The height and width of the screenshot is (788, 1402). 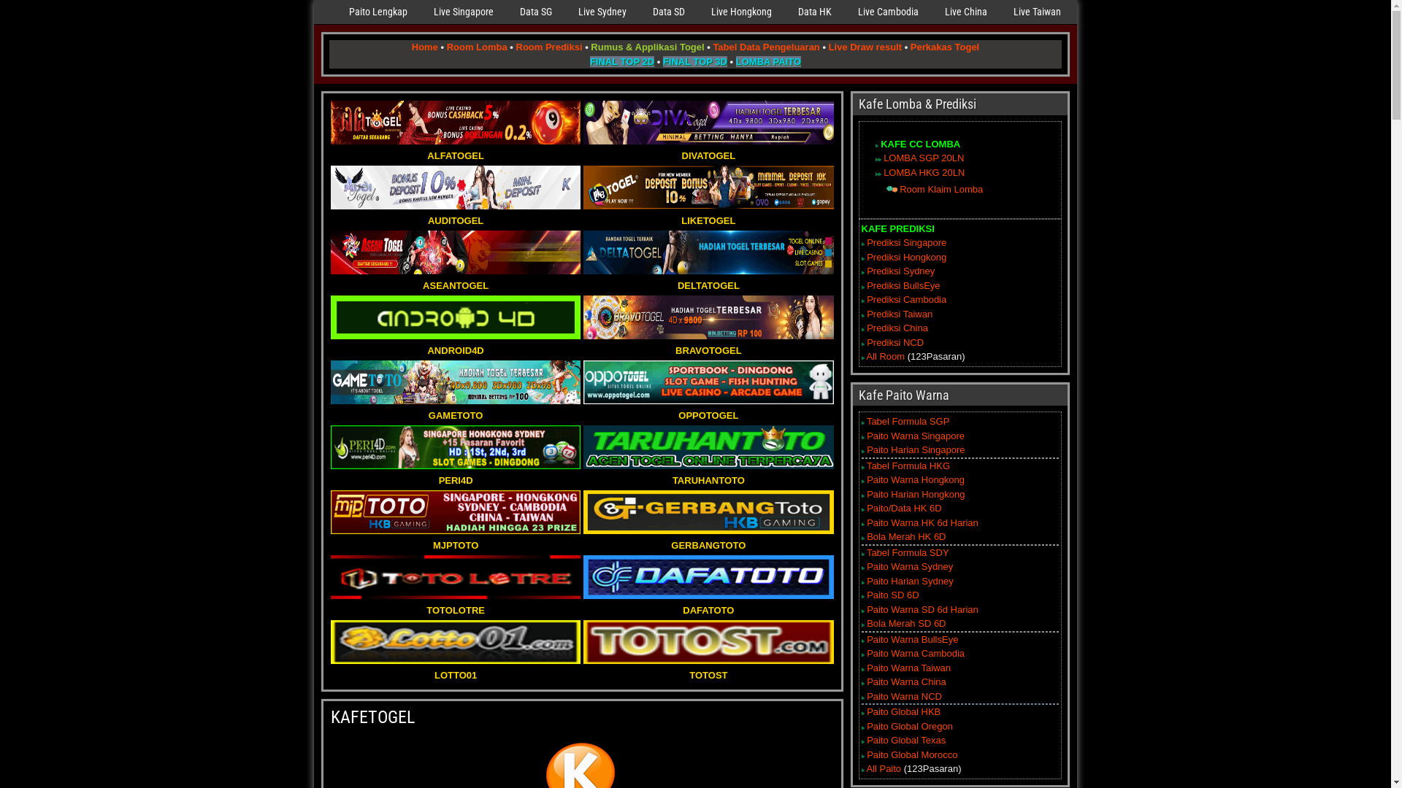 I want to click on 'KAFETOGEL', so click(x=372, y=716).